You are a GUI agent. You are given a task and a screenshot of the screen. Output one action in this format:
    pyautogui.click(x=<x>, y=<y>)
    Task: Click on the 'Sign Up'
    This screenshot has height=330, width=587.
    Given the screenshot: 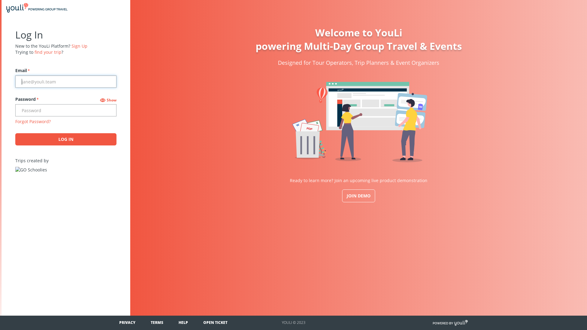 What is the action you would take?
    pyautogui.click(x=79, y=46)
    